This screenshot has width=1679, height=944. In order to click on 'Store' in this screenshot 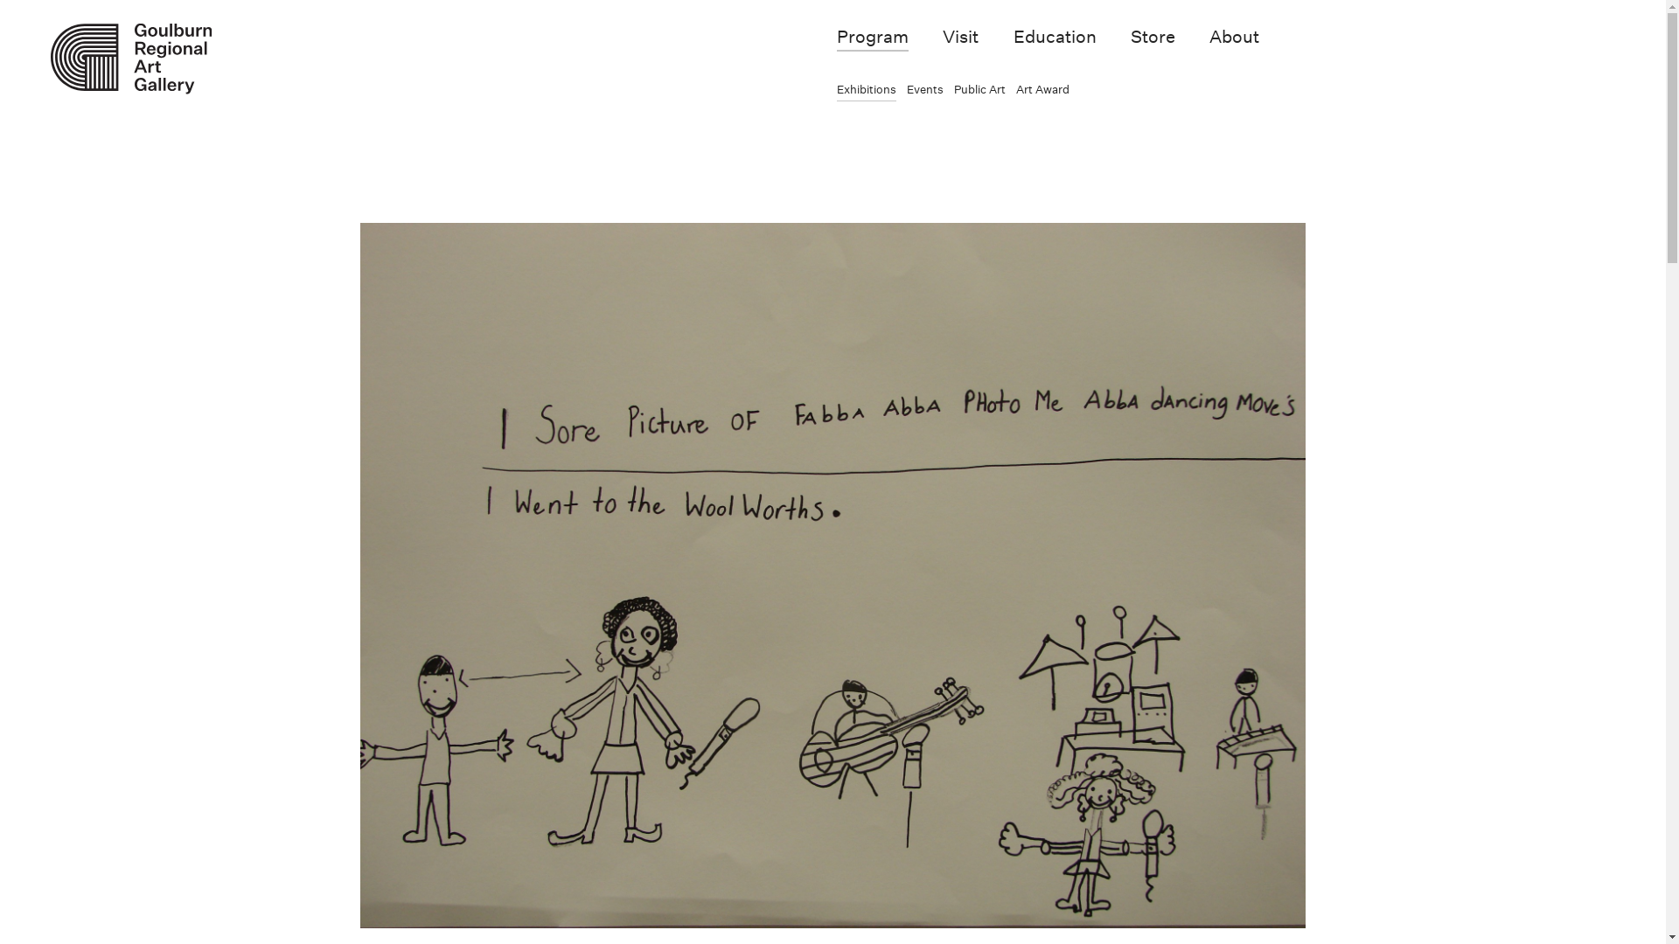, I will do `click(1153, 37)`.